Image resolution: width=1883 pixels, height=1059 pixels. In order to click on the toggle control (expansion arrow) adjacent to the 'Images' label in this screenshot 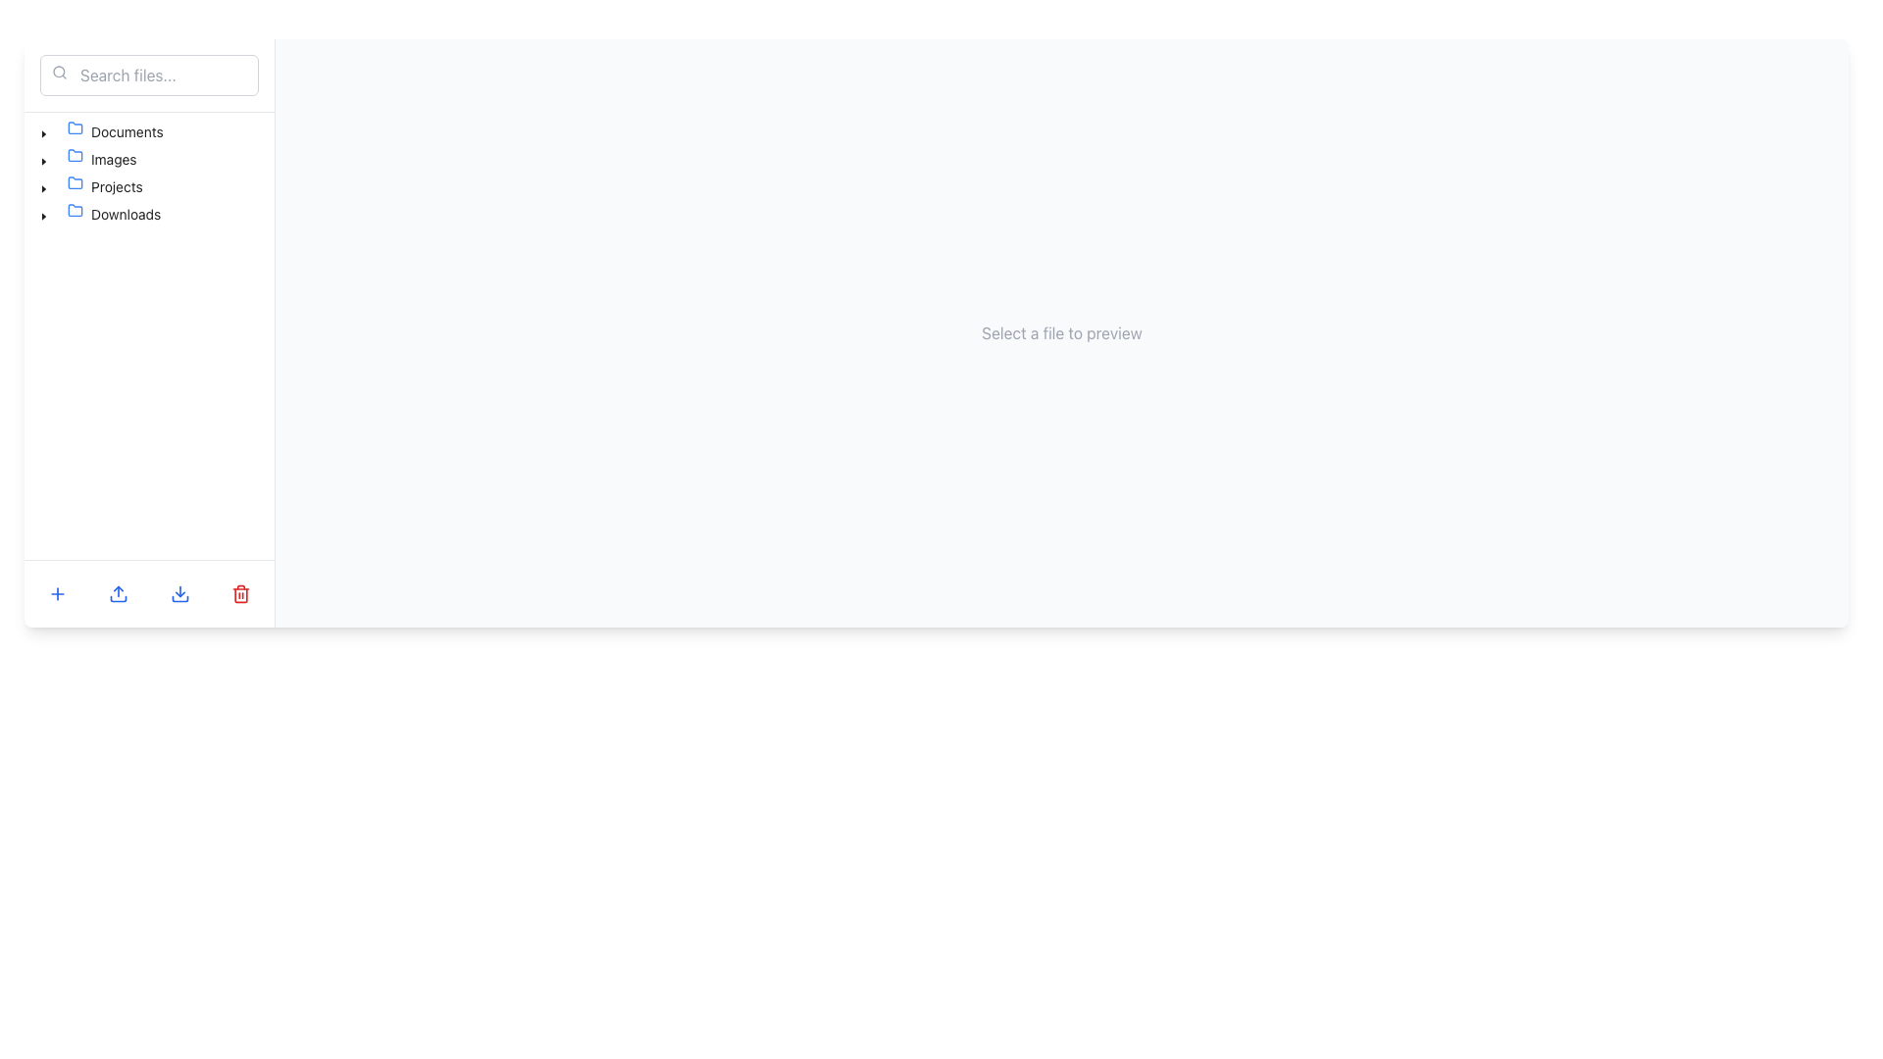, I will do `click(43, 158)`.